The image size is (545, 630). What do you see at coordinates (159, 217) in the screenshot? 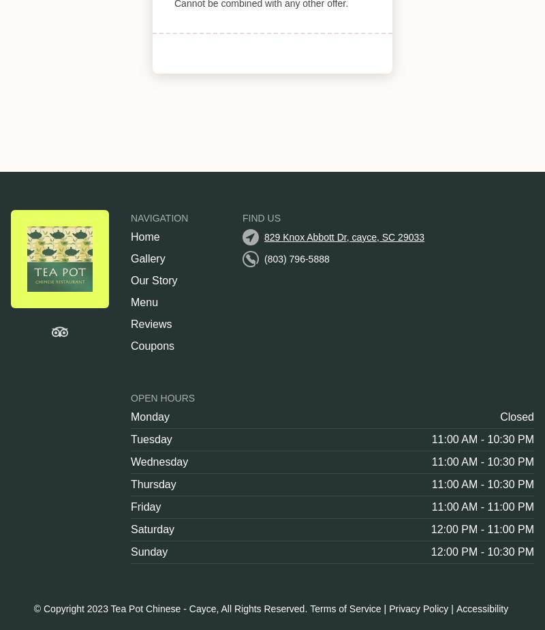
I see `'Navigation'` at bounding box center [159, 217].